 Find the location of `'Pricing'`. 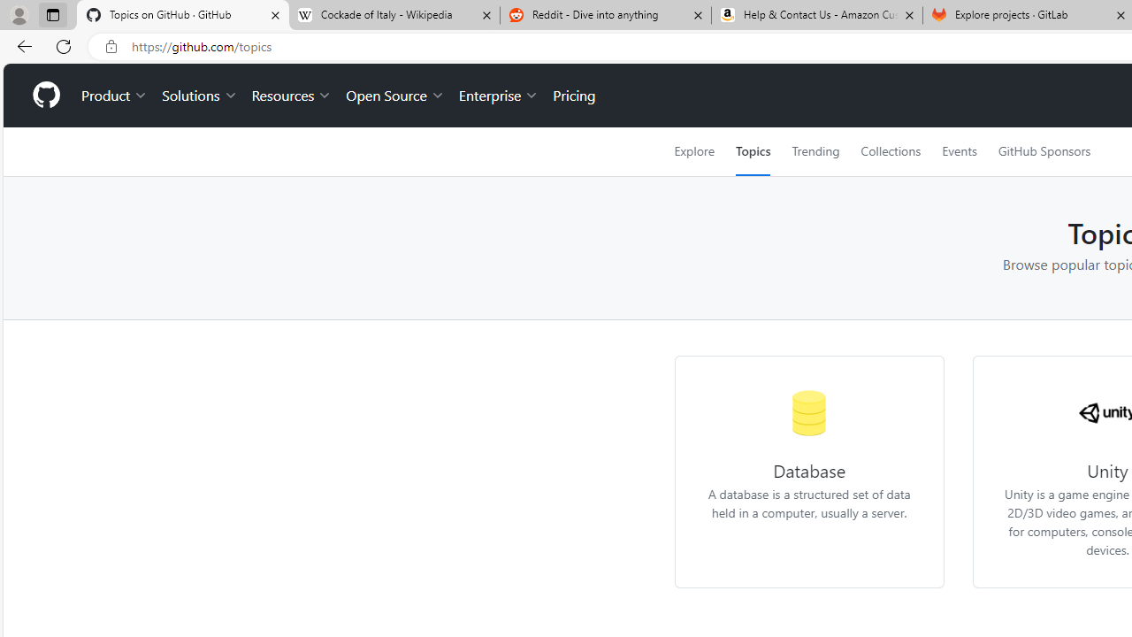

'Pricing' is located at coordinates (574, 96).